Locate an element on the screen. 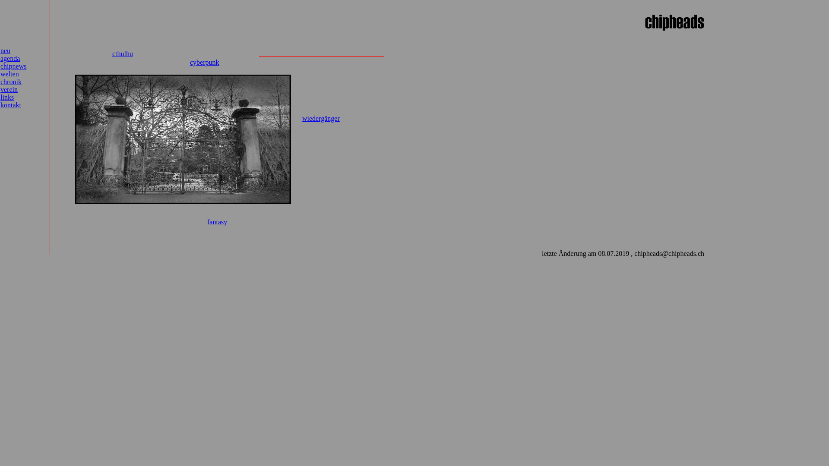 This screenshot has width=829, height=466. 'agenda' is located at coordinates (0, 58).